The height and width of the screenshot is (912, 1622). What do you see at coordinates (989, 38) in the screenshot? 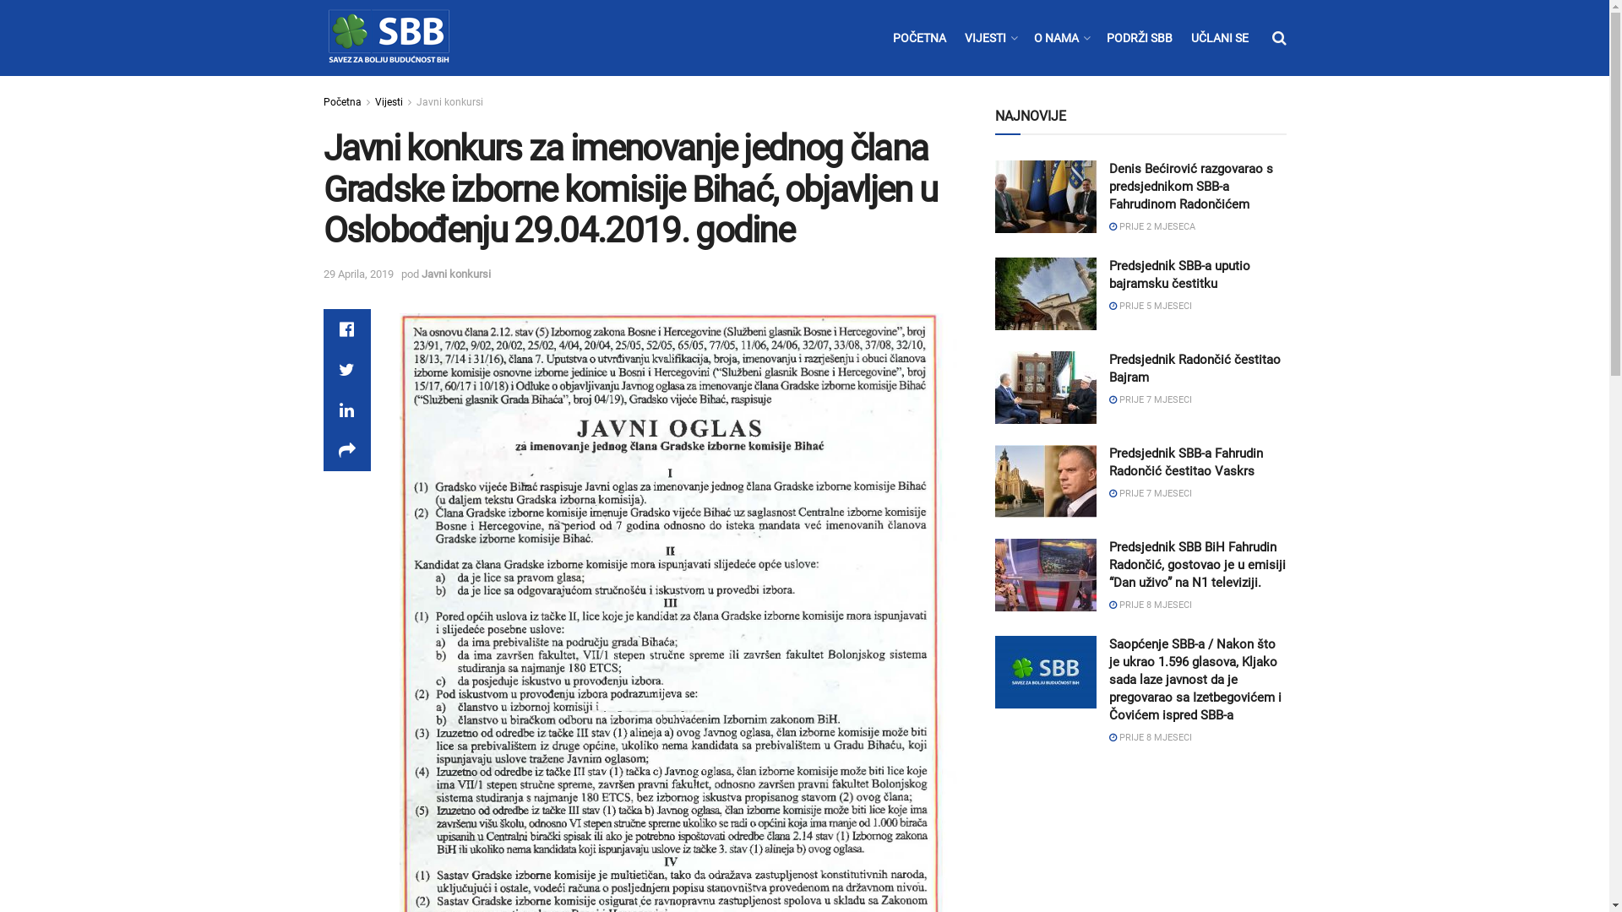
I see `'VIJESTI'` at bounding box center [989, 38].